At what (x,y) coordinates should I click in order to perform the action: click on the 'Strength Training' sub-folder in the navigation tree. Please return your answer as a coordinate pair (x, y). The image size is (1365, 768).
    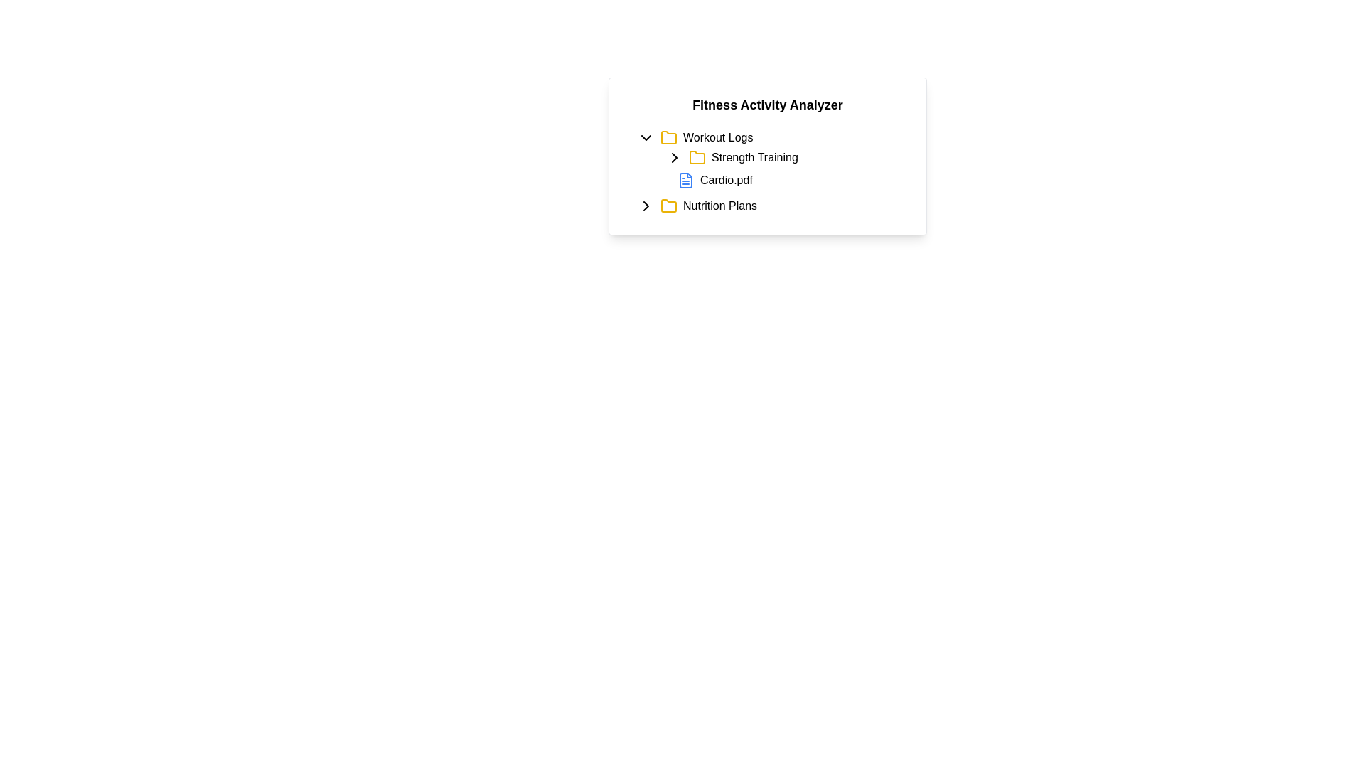
    Looking at the image, I should click on (767, 160).